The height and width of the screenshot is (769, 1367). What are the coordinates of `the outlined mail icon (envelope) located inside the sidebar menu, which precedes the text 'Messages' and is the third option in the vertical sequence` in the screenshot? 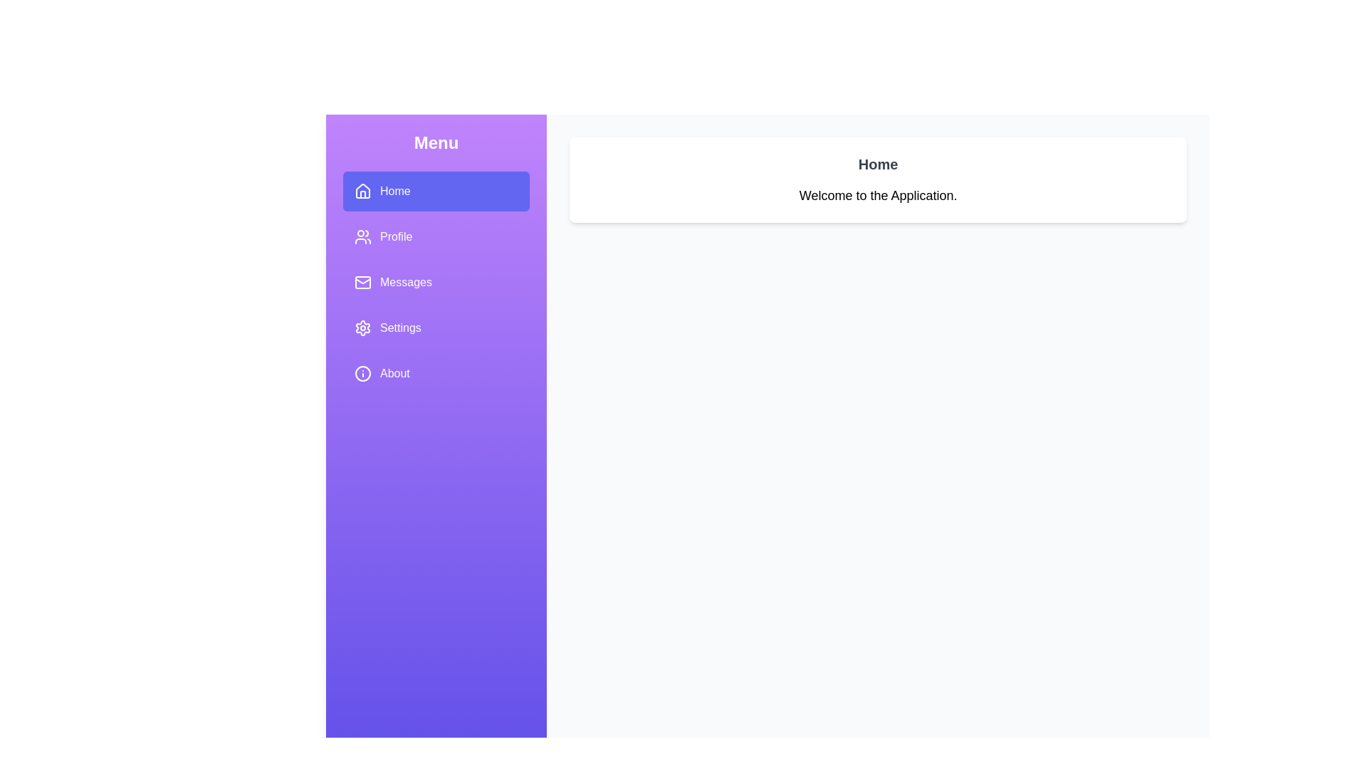 It's located at (362, 283).